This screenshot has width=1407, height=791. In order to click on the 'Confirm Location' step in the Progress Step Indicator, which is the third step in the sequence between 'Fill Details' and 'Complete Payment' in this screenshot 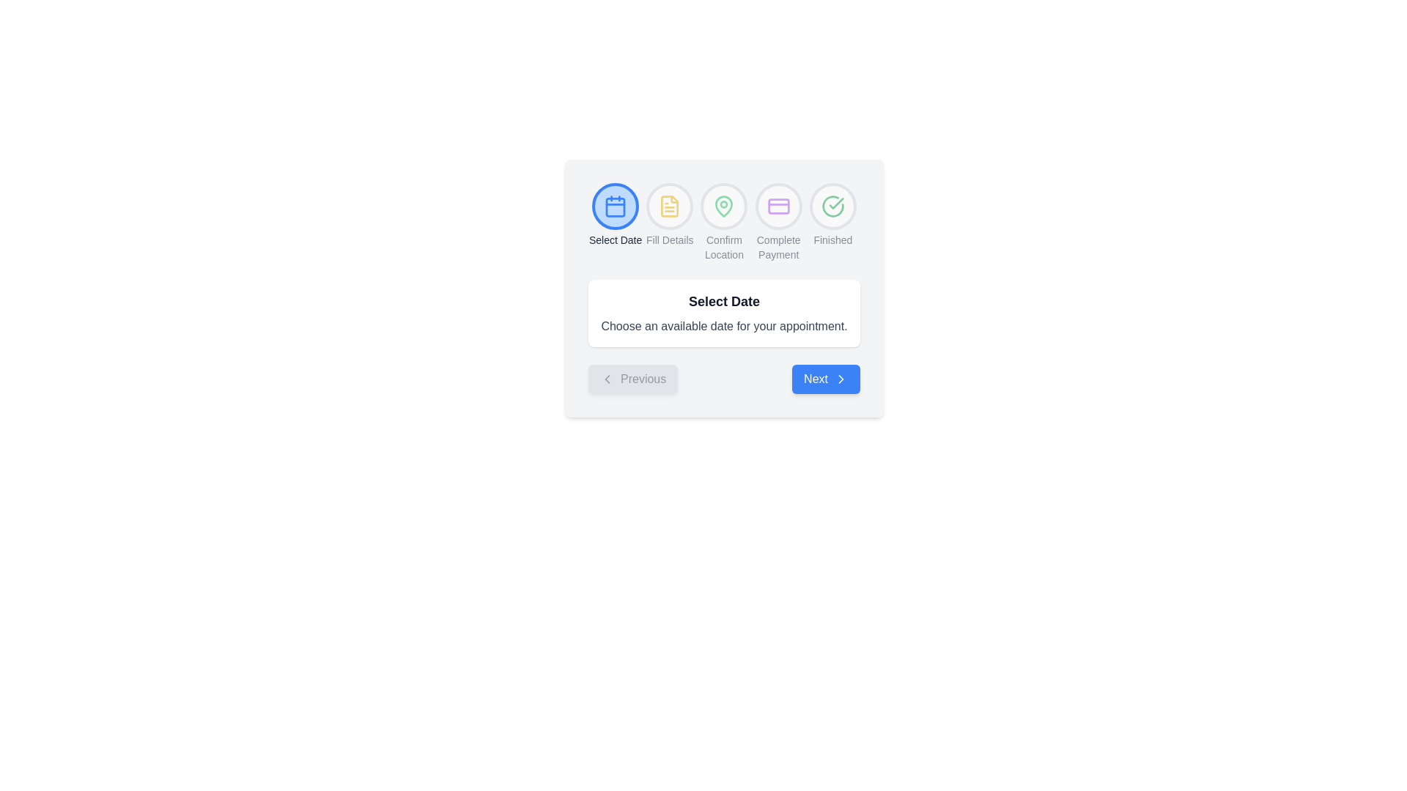, I will do `click(724, 223)`.